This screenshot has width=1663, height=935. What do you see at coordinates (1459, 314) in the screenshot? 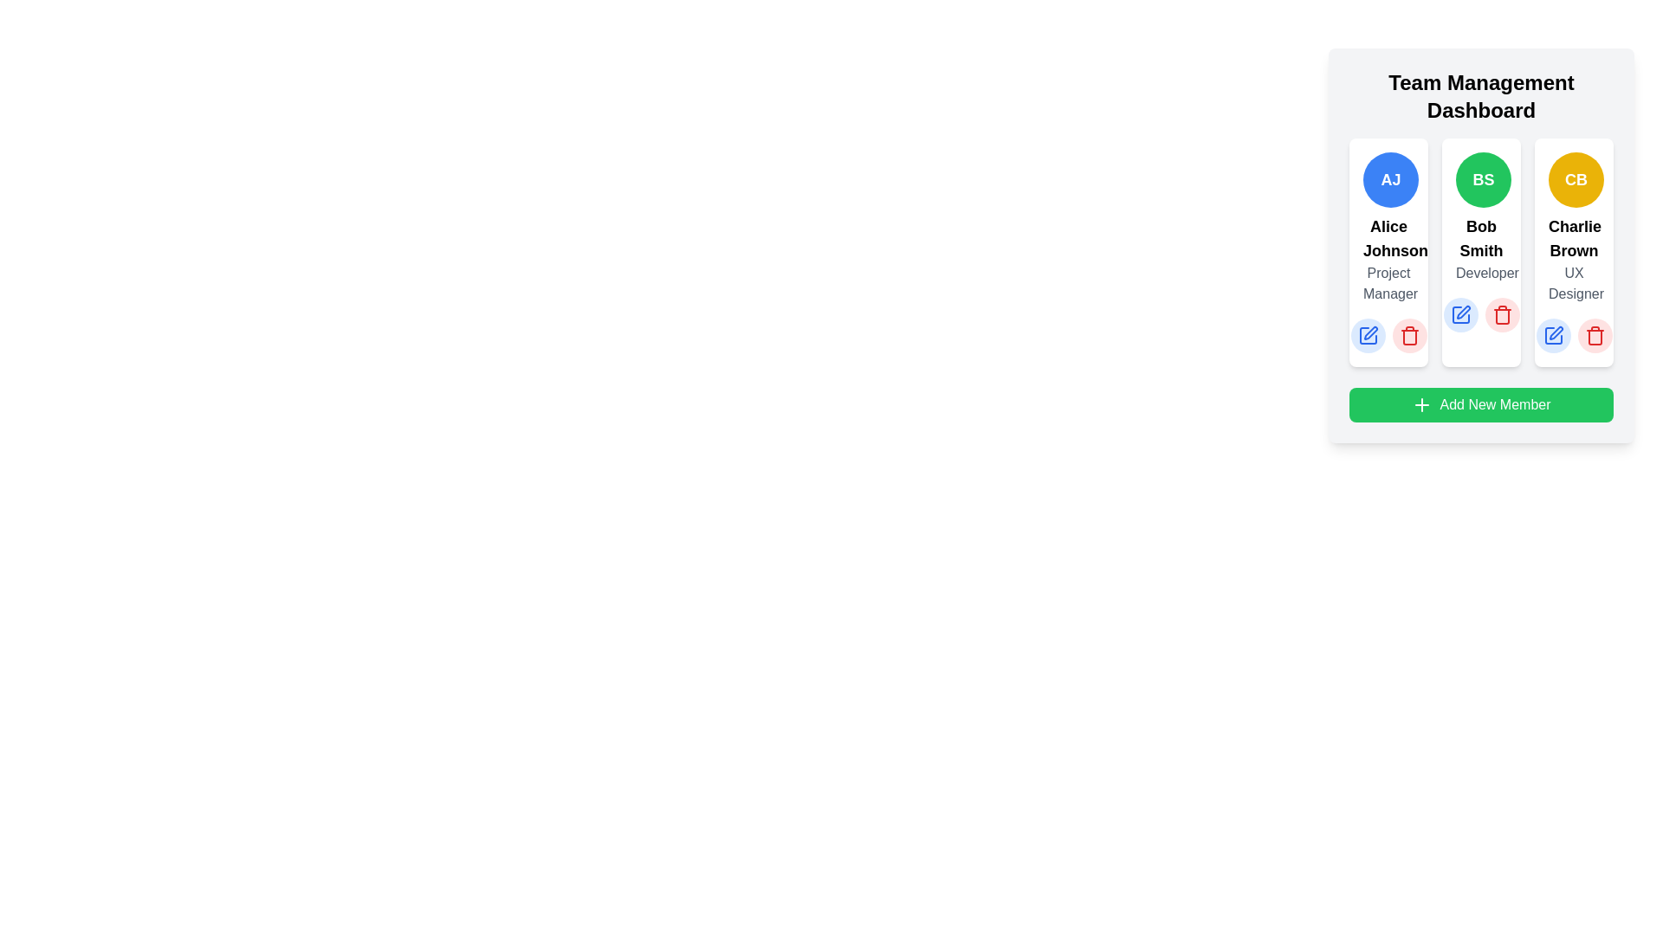
I see `the graphical SVG element representing the editable area in the 'Team Management Dashboard' for 'Bob Smith', positioned to the left of the trash bin icon` at bounding box center [1459, 314].